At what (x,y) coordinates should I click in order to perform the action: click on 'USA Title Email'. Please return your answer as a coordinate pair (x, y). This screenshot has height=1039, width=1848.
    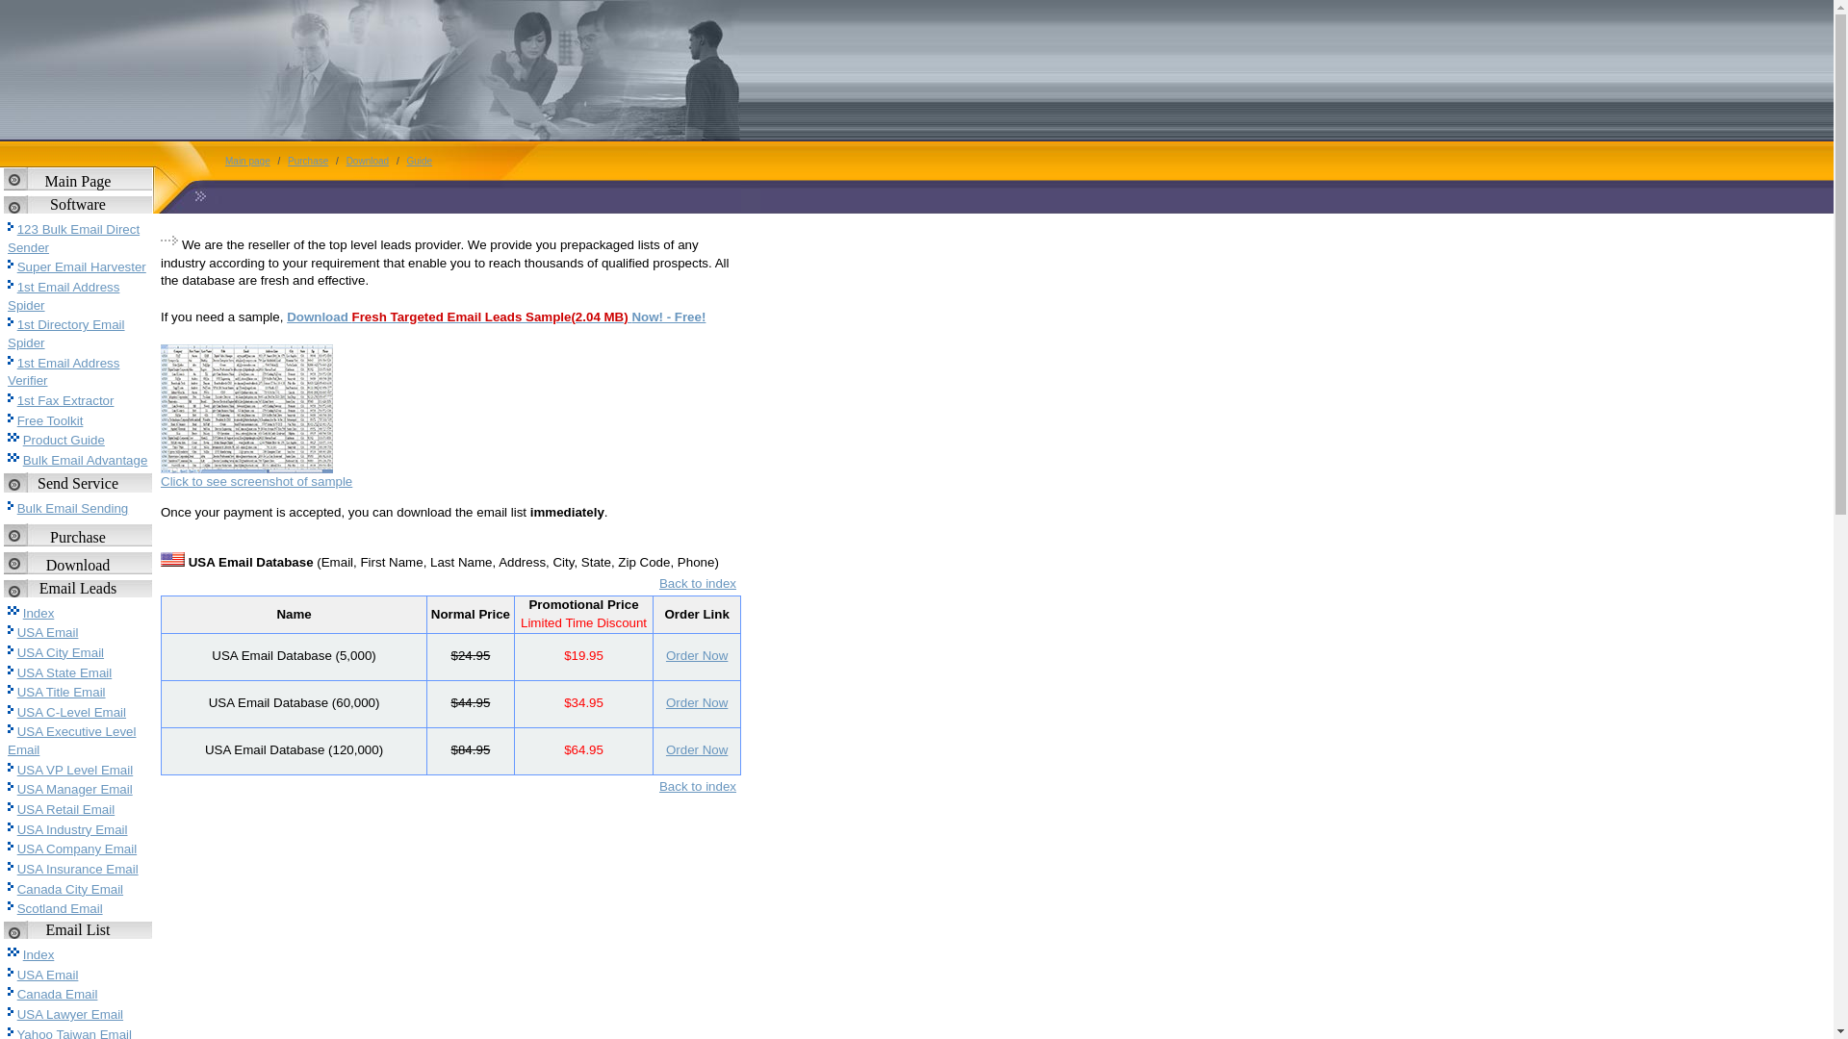
    Looking at the image, I should click on (61, 691).